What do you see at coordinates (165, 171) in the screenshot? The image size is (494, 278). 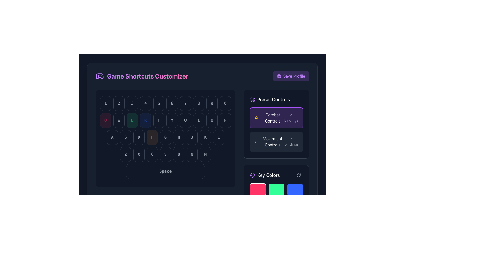 I see `the 'Space' bar button located at the bottommost position of the keyboard layout, centered horizontally below the 'ZXCVBNM' key row` at bounding box center [165, 171].